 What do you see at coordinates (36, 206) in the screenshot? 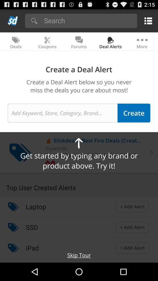
I see `icon below top user created icon` at bounding box center [36, 206].